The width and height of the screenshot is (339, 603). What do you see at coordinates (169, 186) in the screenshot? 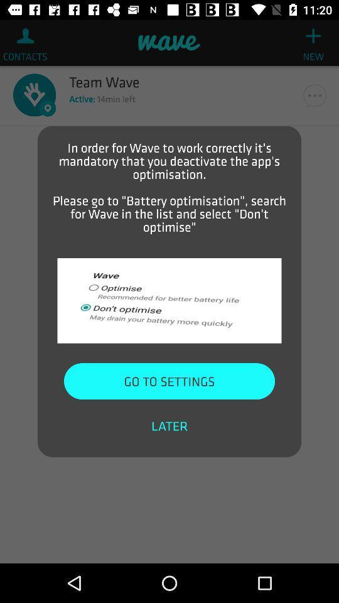
I see `the in order for item` at bounding box center [169, 186].